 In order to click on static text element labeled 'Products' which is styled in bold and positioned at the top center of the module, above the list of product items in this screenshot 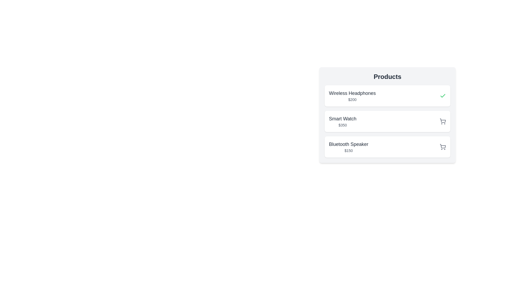, I will do `click(387, 77)`.